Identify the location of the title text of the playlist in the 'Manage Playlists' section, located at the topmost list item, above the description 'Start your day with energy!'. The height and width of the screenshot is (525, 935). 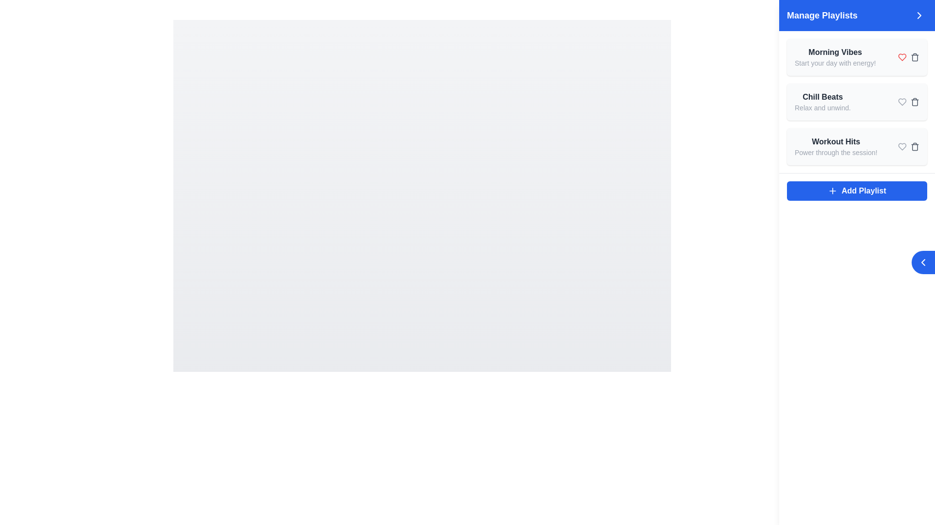
(835, 52).